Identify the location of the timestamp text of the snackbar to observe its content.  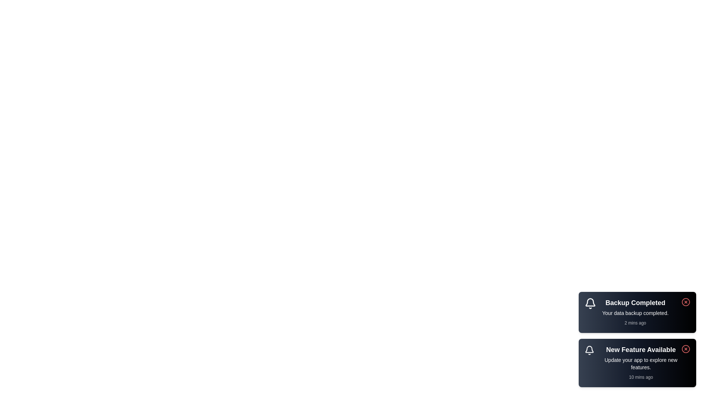
(635, 322).